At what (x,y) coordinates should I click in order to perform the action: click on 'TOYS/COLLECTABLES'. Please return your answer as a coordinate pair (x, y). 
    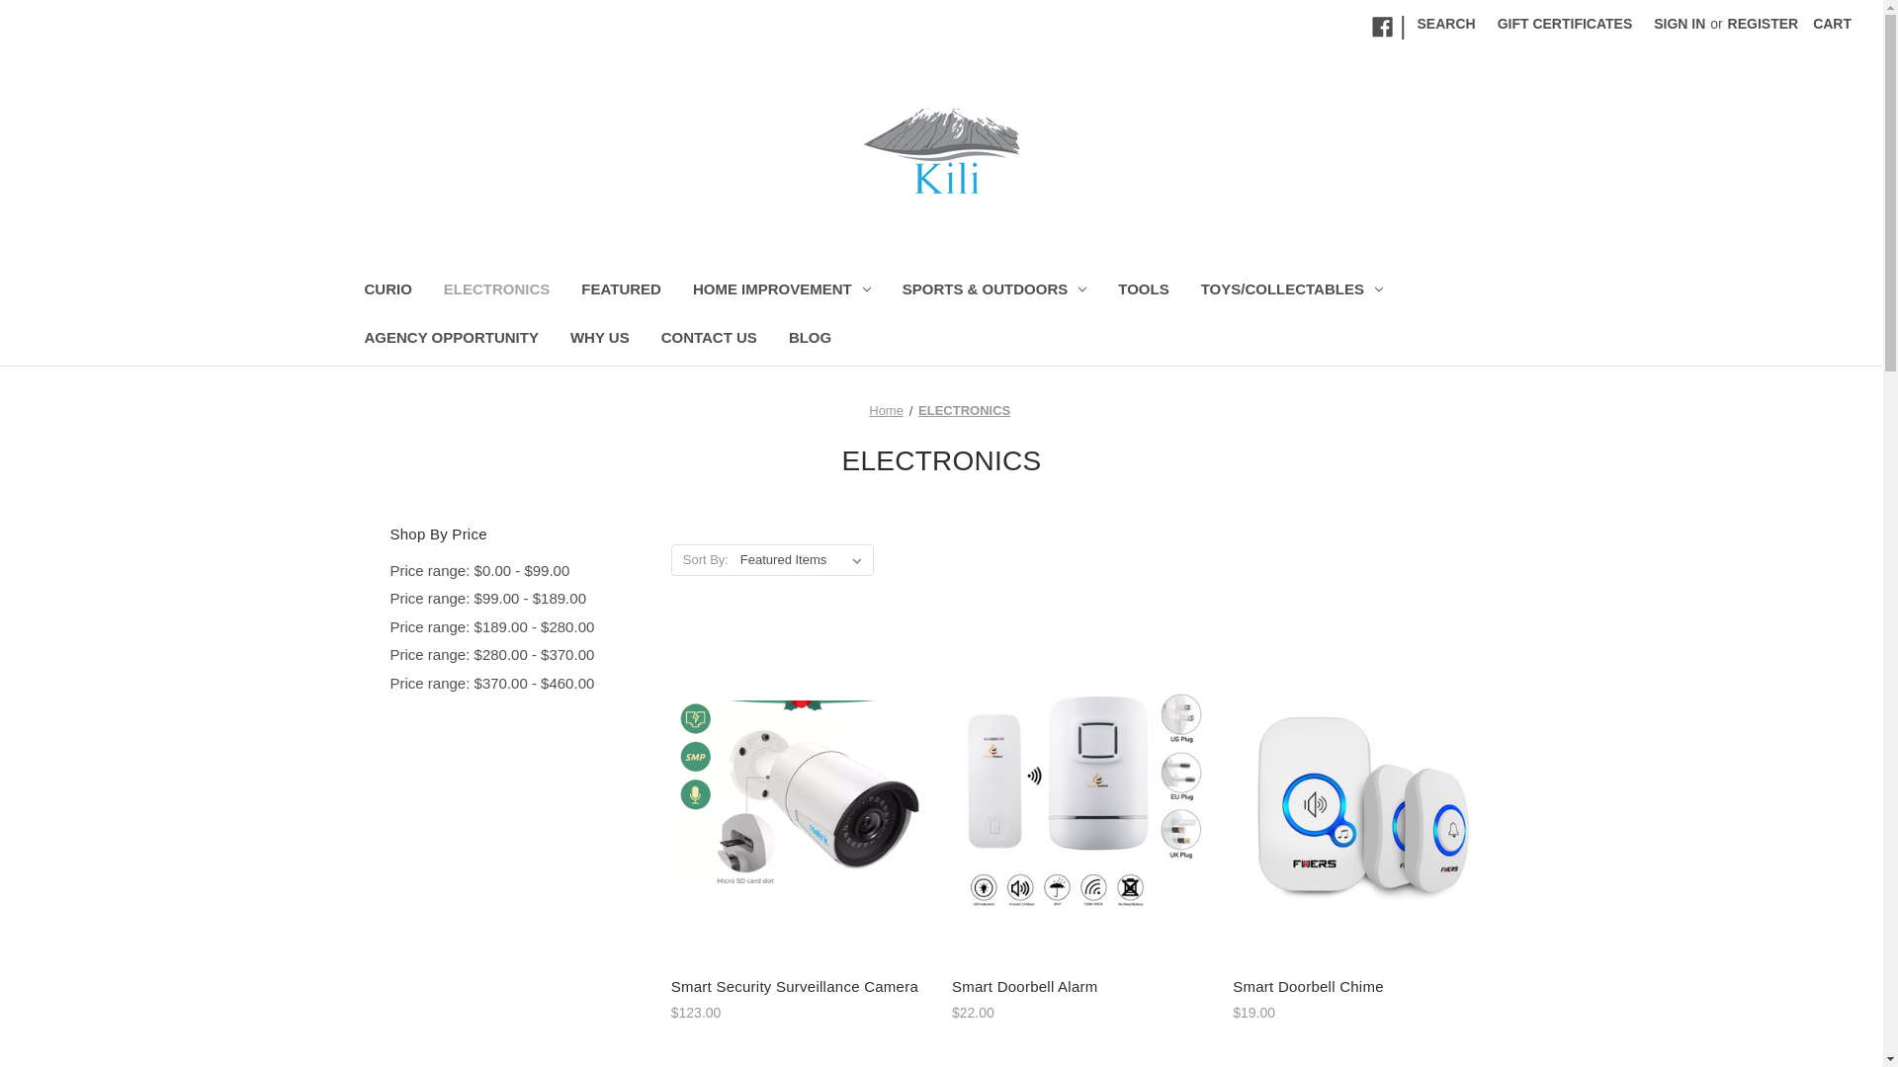
    Looking at the image, I should click on (1291, 291).